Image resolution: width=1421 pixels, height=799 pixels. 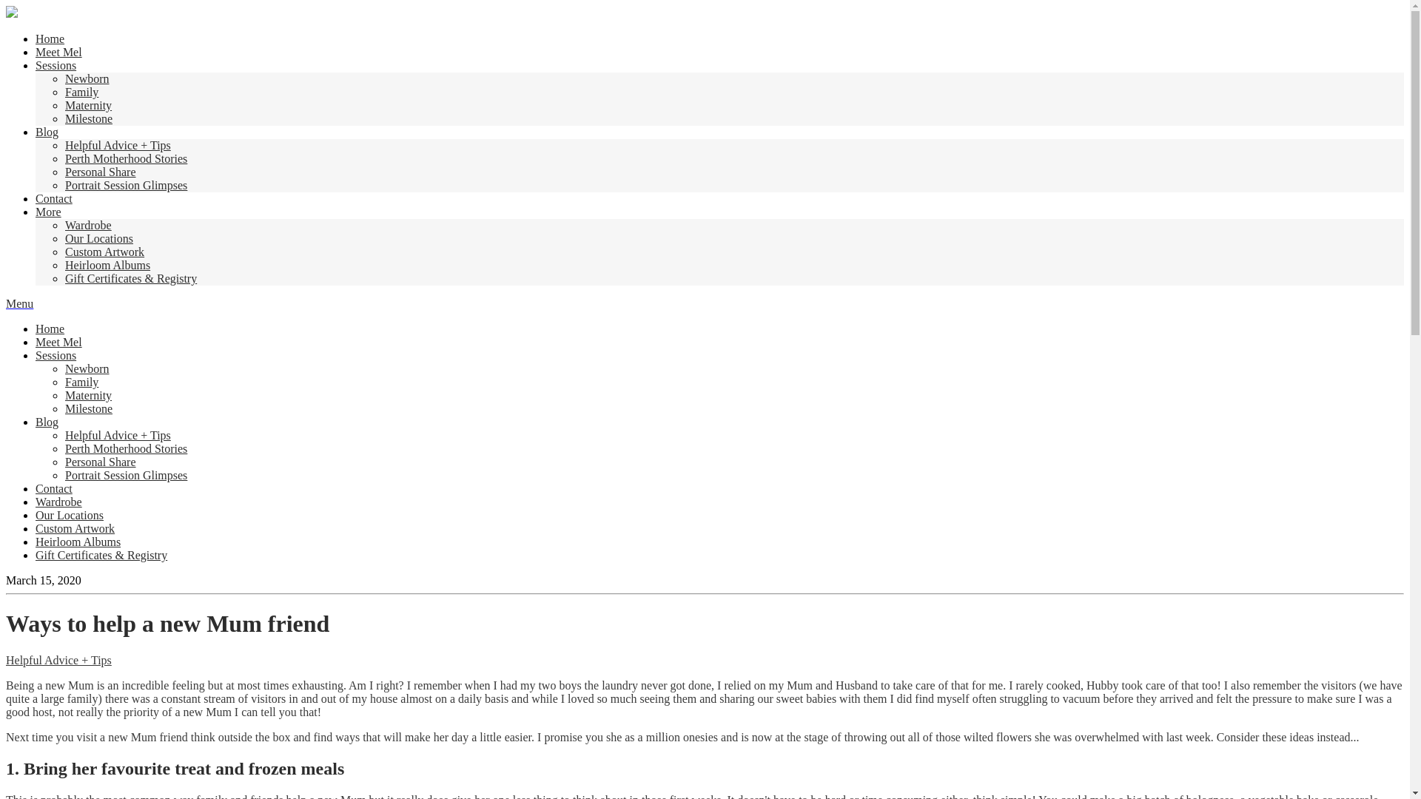 What do you see at coordinates (88, 408) in the screenshot?
I see `'Milestone'` at bounding box center [88, 408].